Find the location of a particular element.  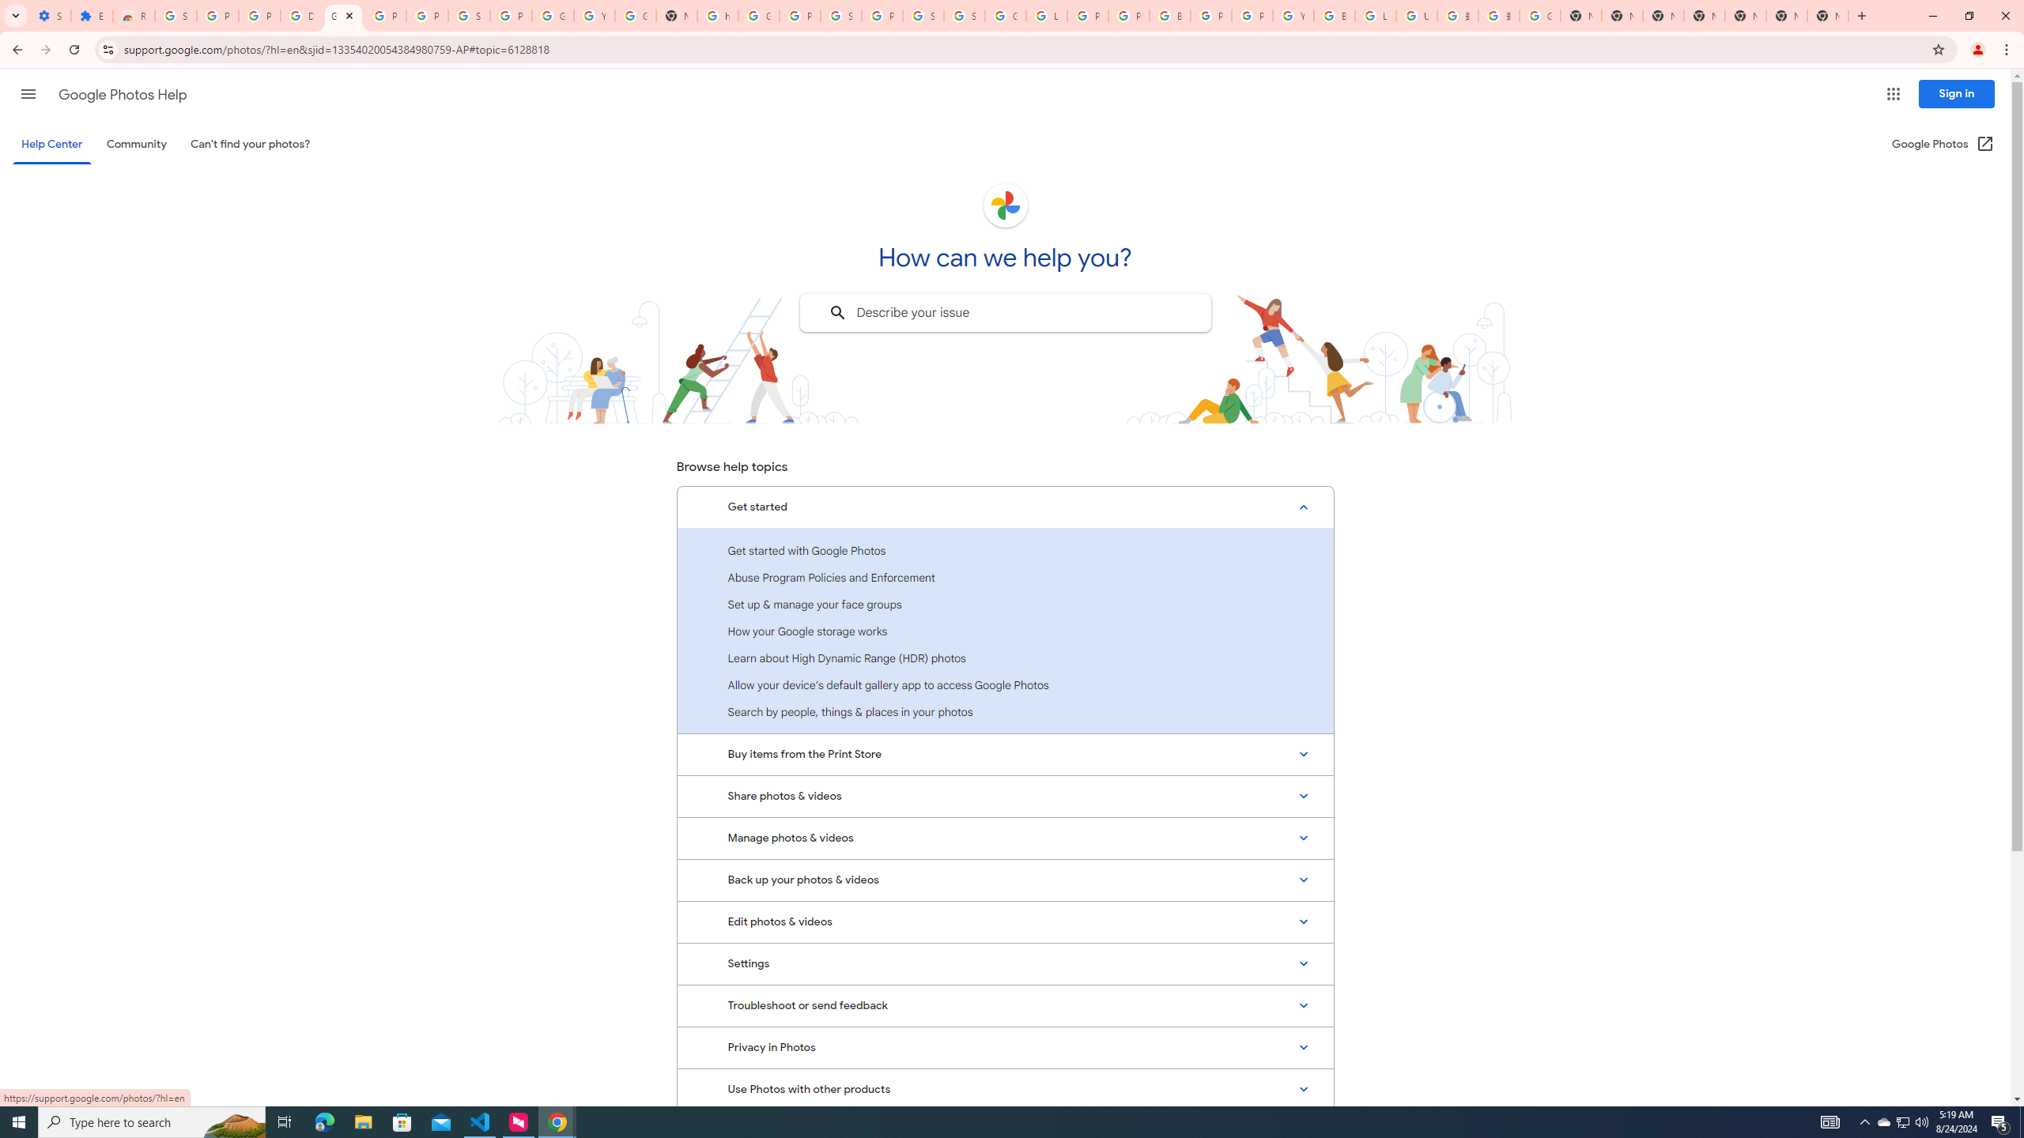

'Get started, Expanded list with 7 items' is located at coordinates (1005, 507).